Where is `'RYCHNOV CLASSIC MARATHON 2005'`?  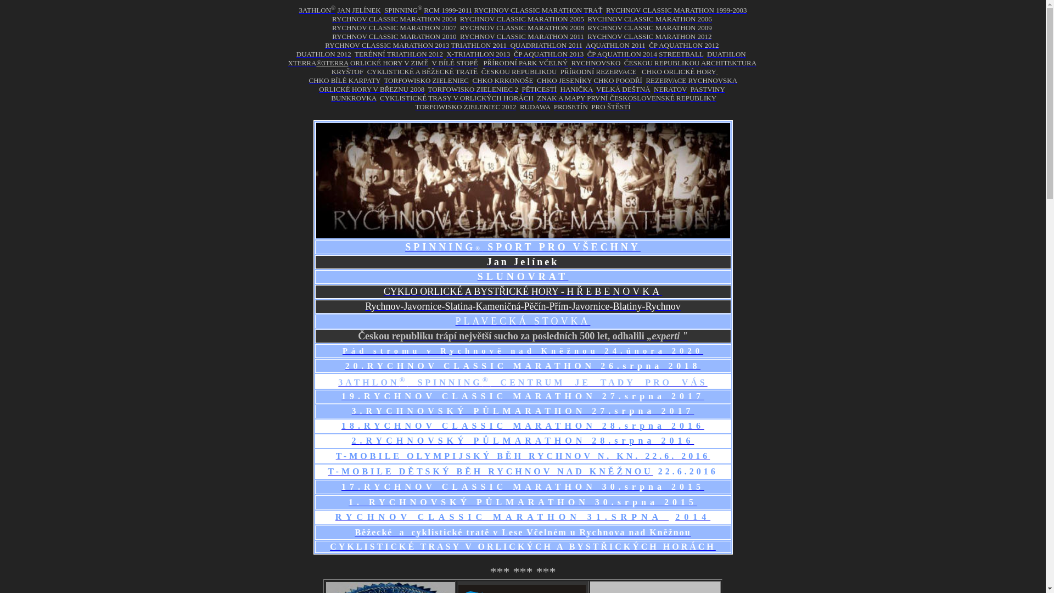
'RYCHNOV CLASSIC MARATHON 2005' is located at coordinates (521, 19).